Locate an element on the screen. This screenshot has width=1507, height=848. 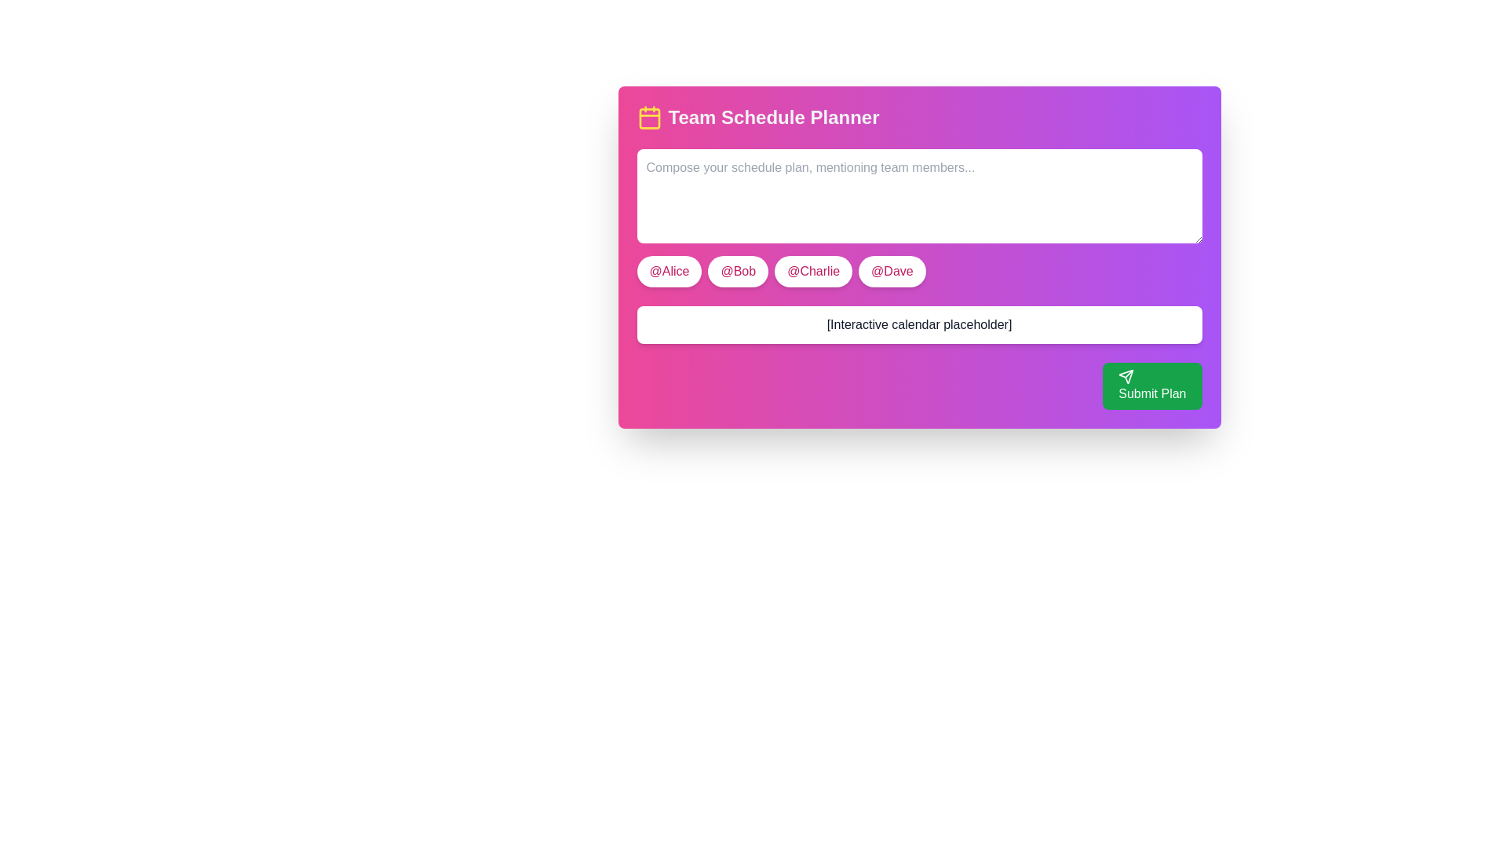
the main body portion of the calendar icon, which is a rounded rectangle with a border radius of 2 units, located within the team schedule planner interface is located at coordinates (649, 118).